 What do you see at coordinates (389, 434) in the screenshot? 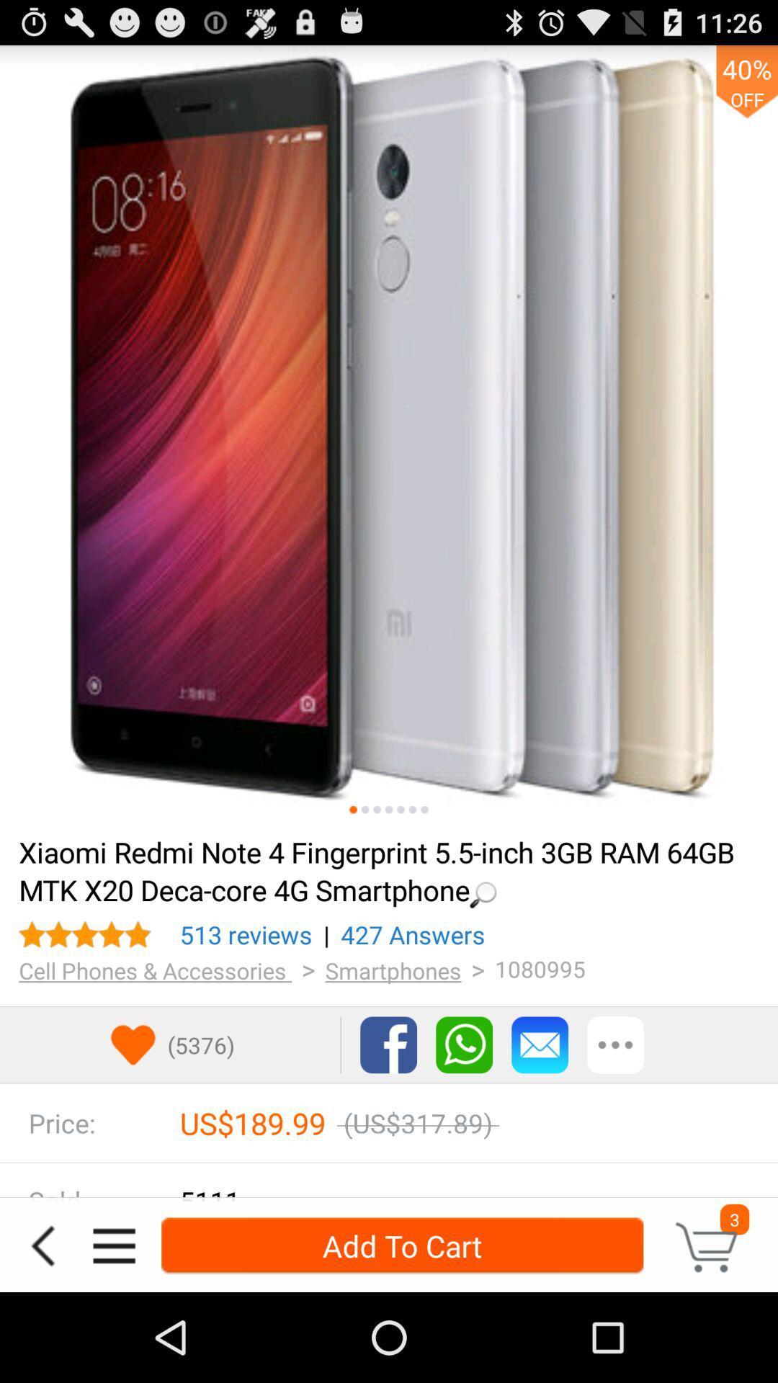
I see `website` at bounding box center [389, 434].